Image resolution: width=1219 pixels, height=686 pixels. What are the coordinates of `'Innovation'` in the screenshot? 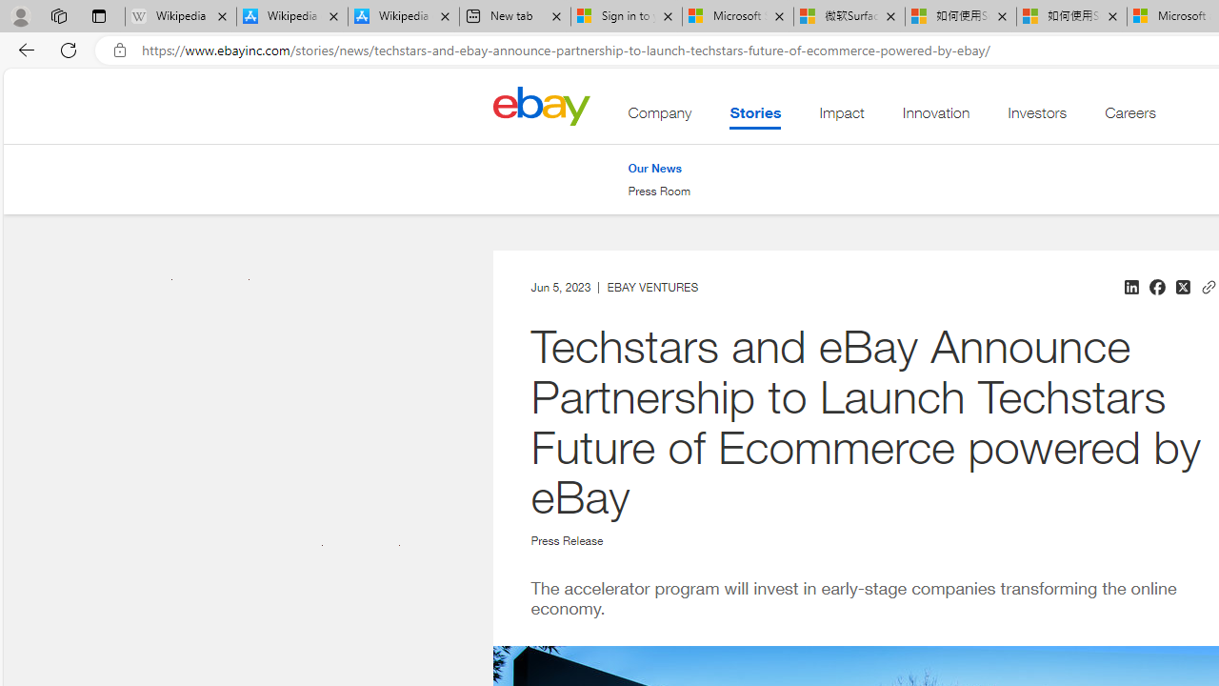 It's located at (936, 117).